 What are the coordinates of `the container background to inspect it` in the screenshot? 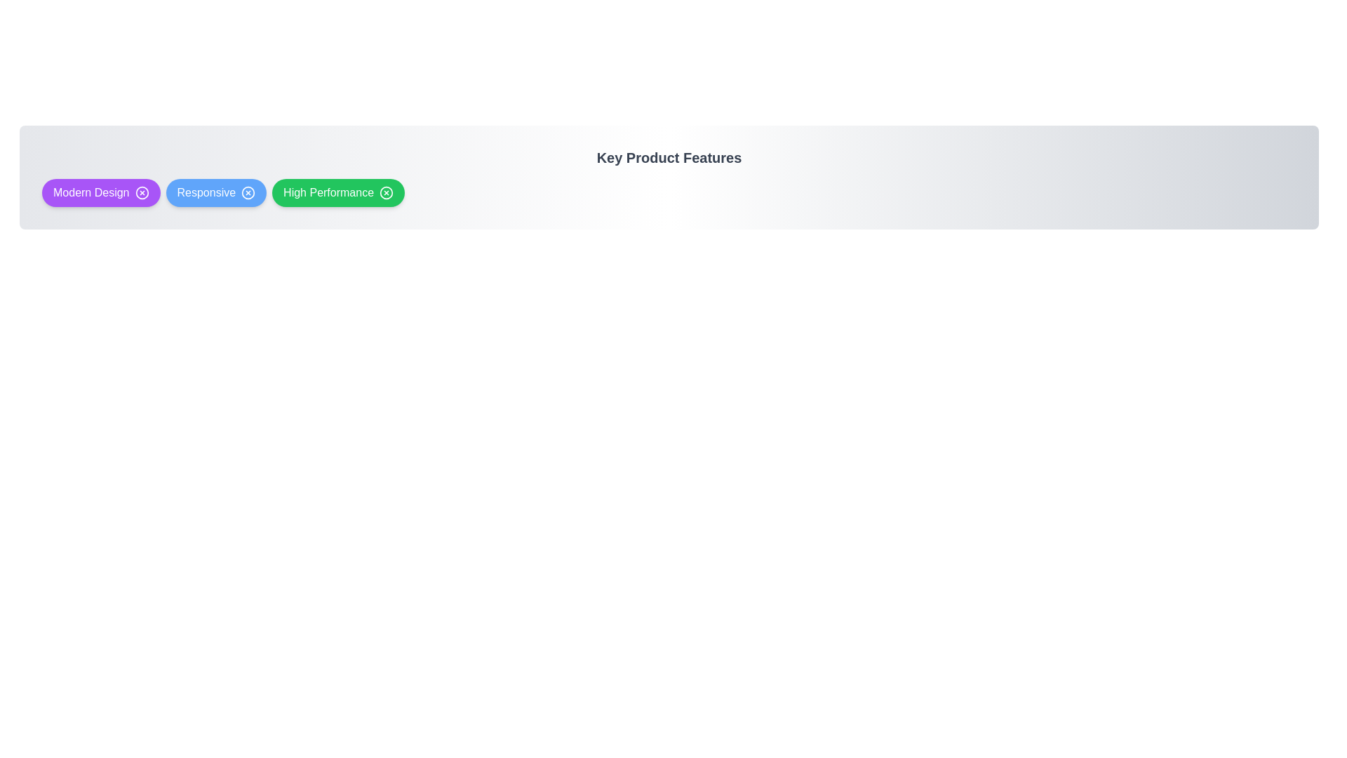 It's located at (669, 177).